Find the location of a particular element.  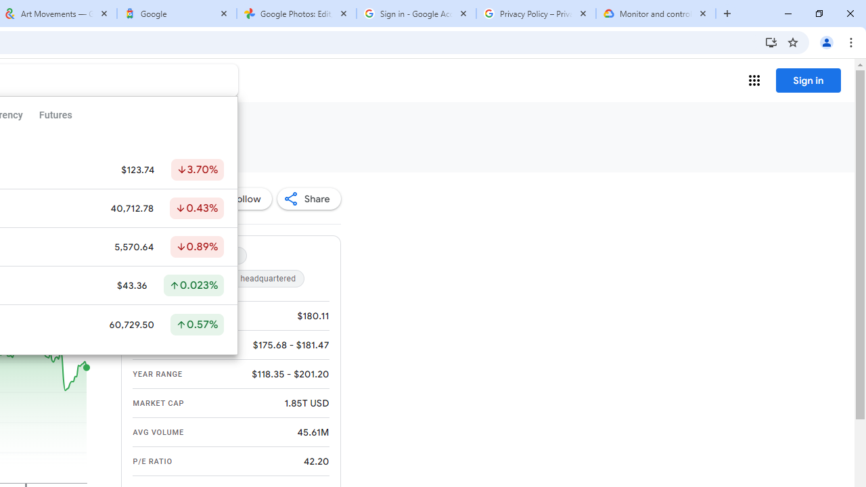

'Google' is located at coordinates (176, 14).